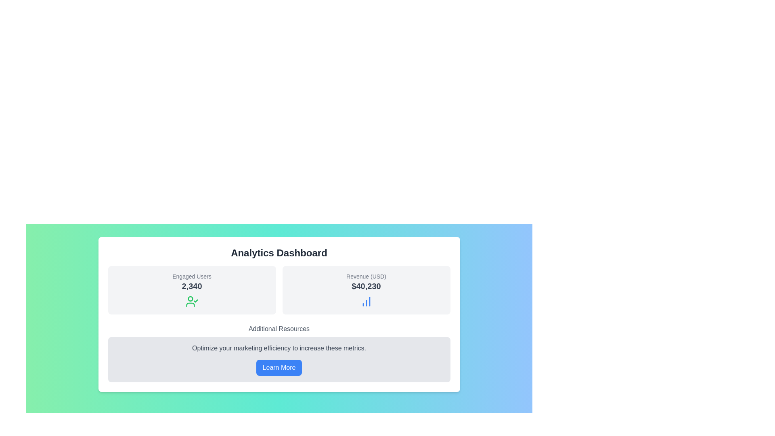 This screenshot has width=775, height=436. Describe the element at coordinates (366, 276) in the screenshot. I see `the 'Revenue (USD)' text label, which is a small gray text above the revenue value in the analytics dashboard interface` at that location.